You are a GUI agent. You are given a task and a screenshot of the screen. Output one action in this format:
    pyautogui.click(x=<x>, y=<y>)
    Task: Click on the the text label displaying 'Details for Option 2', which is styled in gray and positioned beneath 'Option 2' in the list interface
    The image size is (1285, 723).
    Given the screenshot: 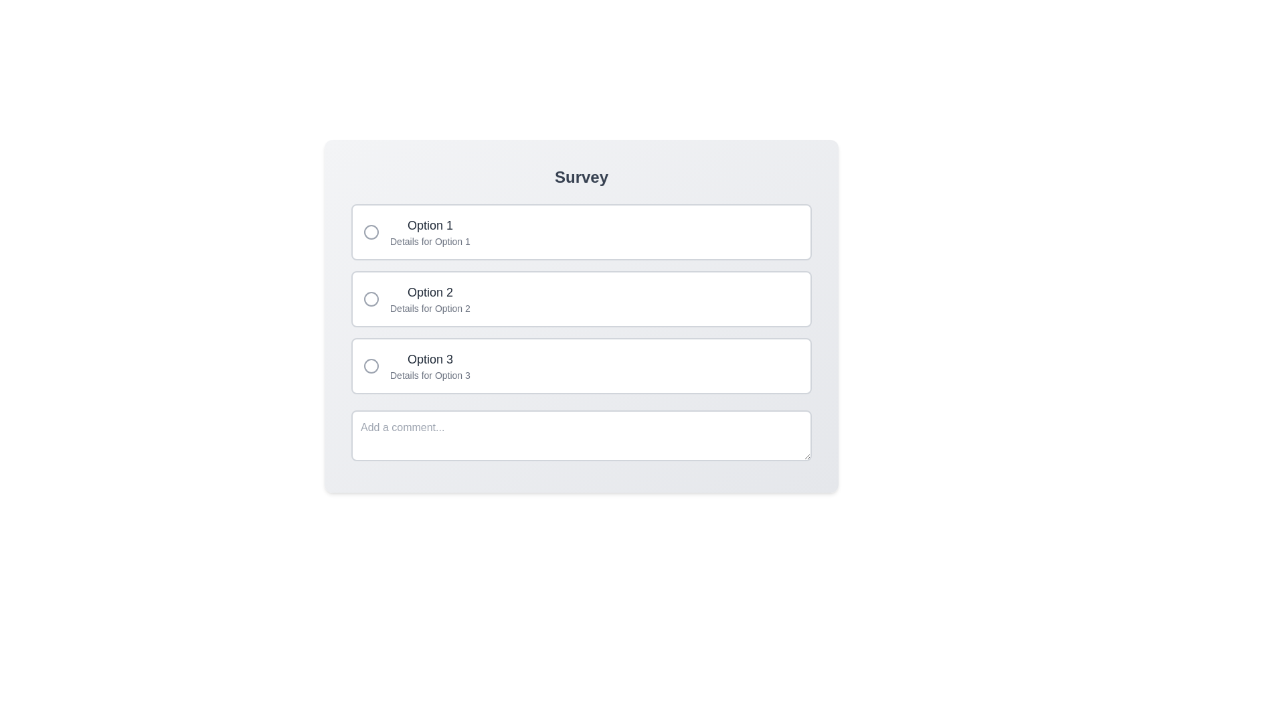 What is the action you would take?
    pyautogui.click(x=430, y=309)
    